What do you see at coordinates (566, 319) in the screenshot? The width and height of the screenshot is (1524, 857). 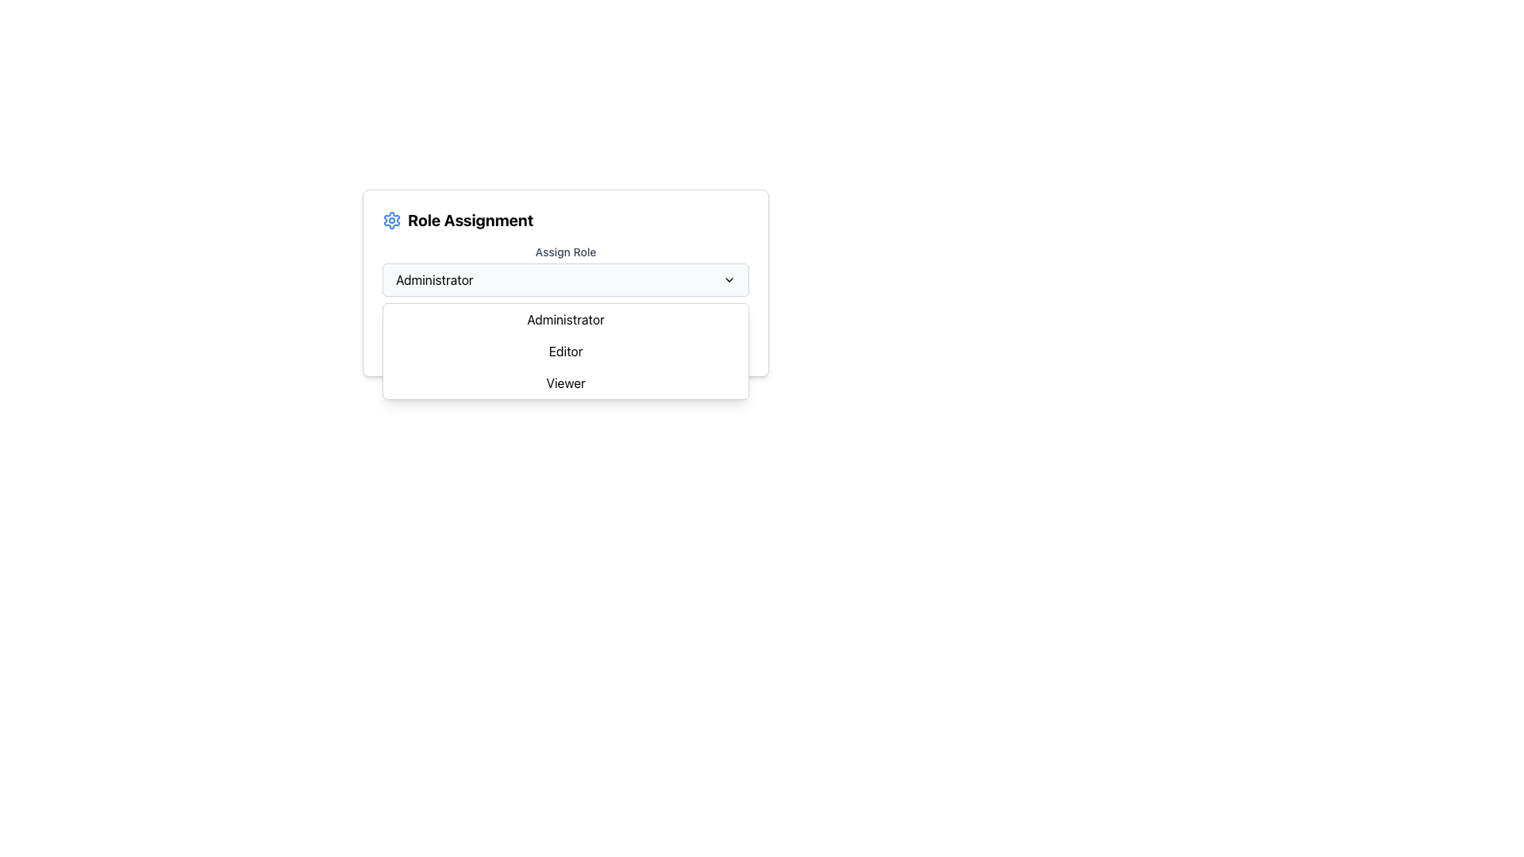 I see `the 'Administrator' option in the dropdown menu located below the 'Assign Role' label in the 'Role Assignment' card` at bounding box center [566, 319].